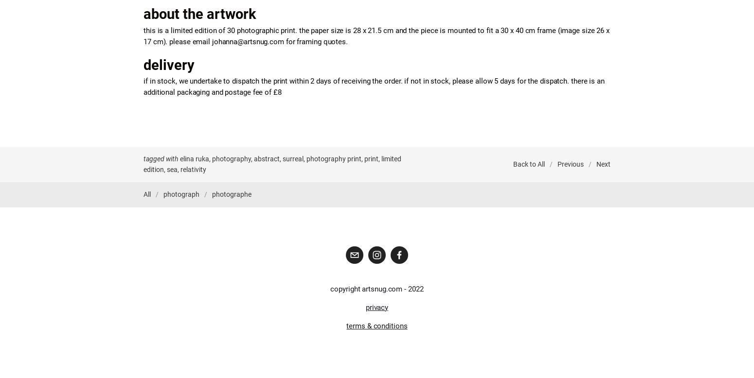 The image size is (754, 378). What do you see at coordinates (377, 306) in the screenshot?
I see `'privacy'` at bounding box center [377, 306].